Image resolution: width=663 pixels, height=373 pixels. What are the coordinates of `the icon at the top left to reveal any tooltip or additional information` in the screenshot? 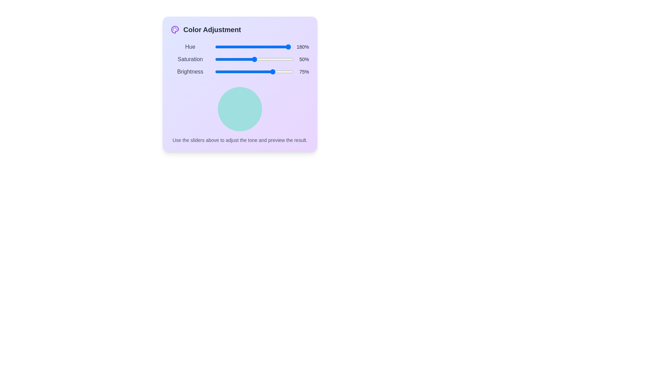 It's located at (175, 29).